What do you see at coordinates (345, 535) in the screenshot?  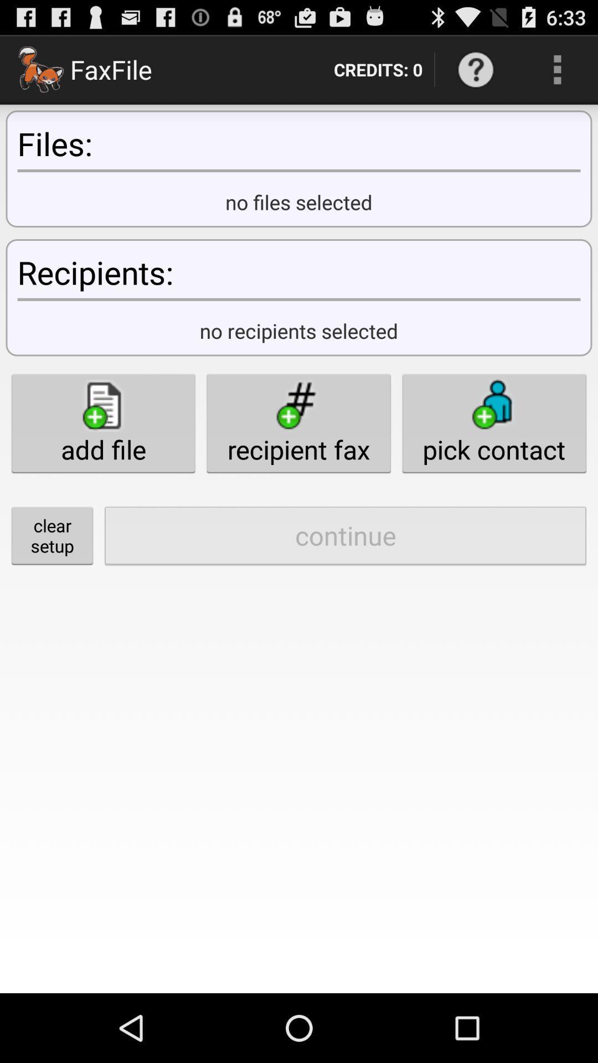 I see `item next to the clear` at bounding box center [345, 535].